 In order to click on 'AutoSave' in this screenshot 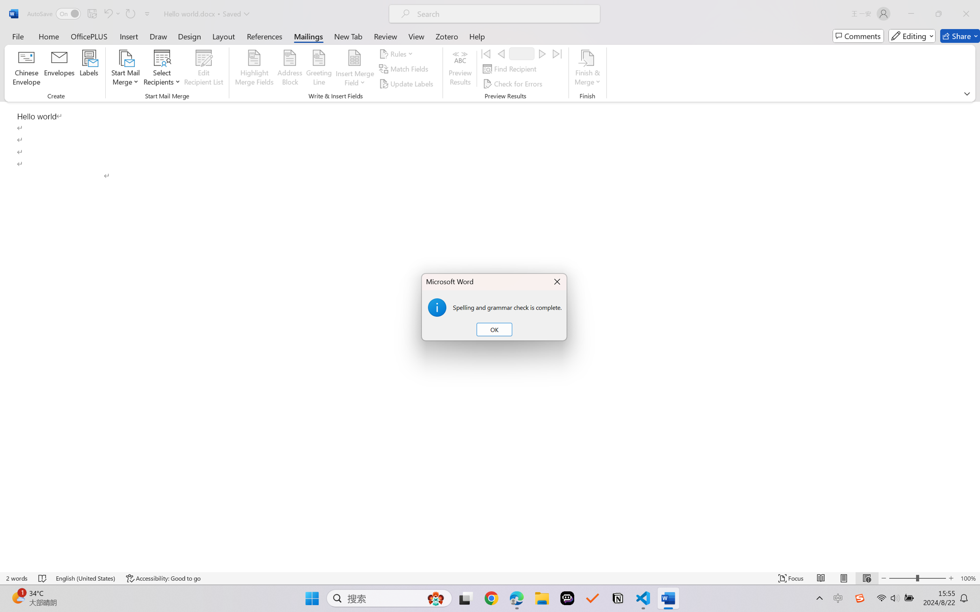, I will do `click(54, 13)`.